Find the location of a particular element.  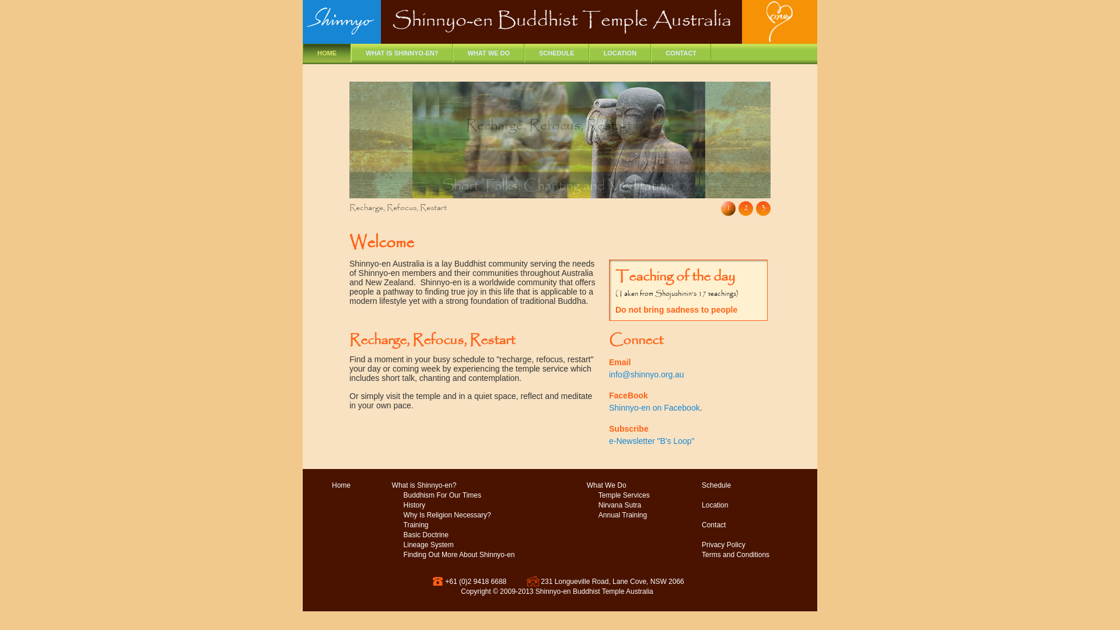

'WHAT IS SHINNYO-EN?' is located at coordinates (402, 53).